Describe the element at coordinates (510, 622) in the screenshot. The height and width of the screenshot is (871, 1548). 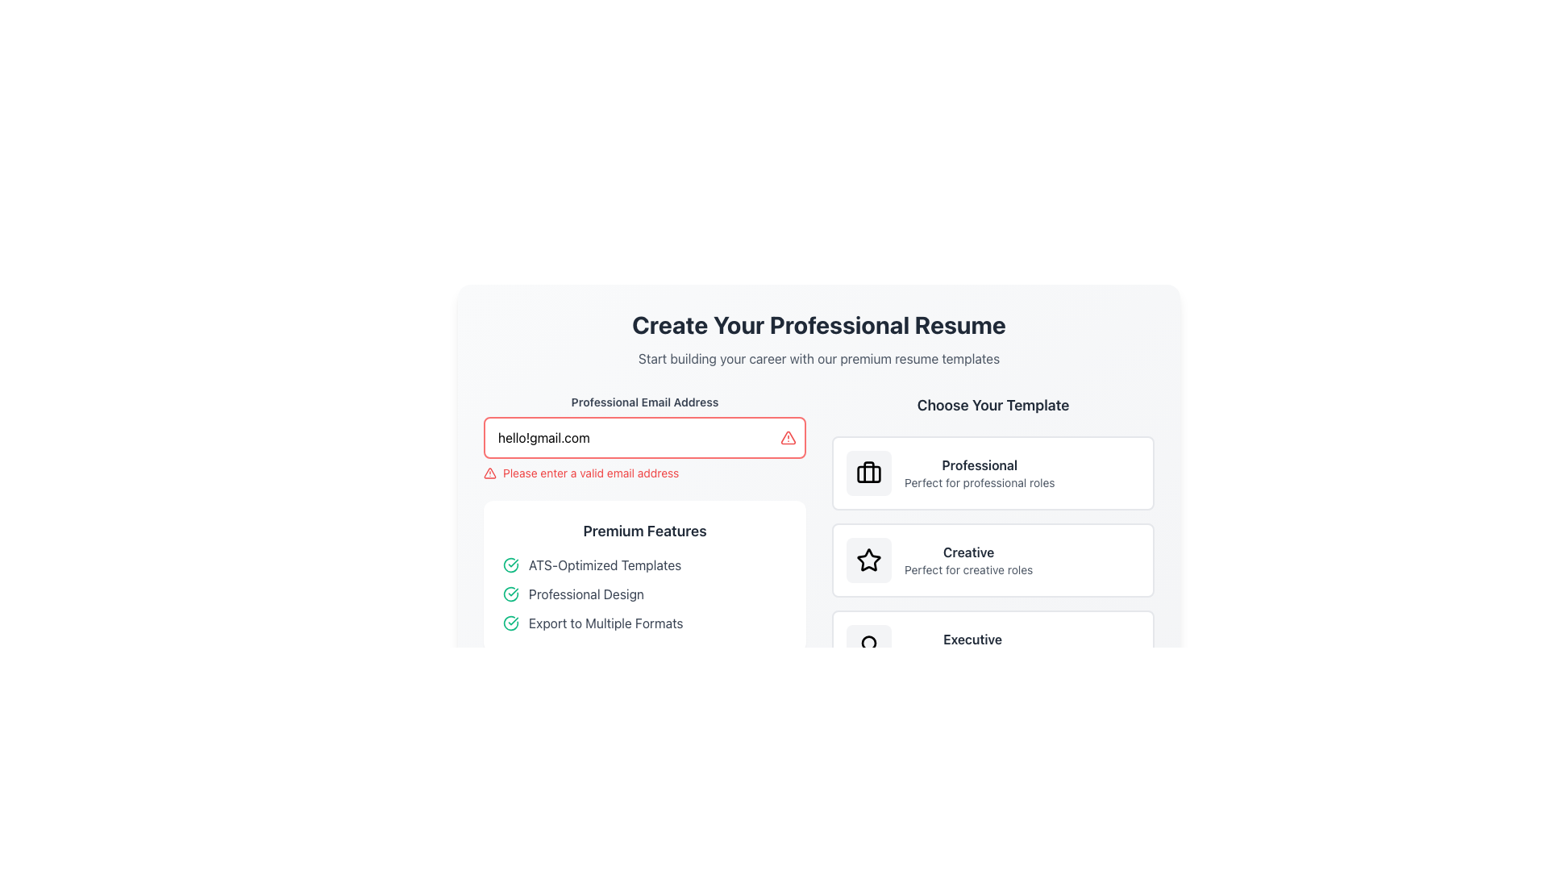
I see `the icon that indicates a confirmed feature, positioned beside the text 'Export to Multiple Formats' in the premium features section` at that location.